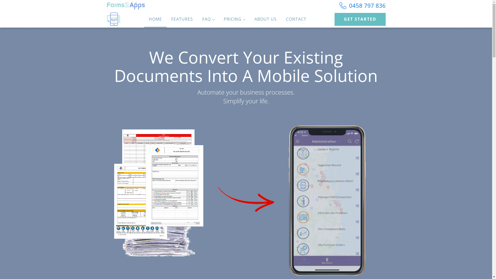 This screenshot has height=279, width=496. What do you see at coordinates (208, 19) in the screenshot?
I see `'FAQ'` at bounding box center [208, 19].